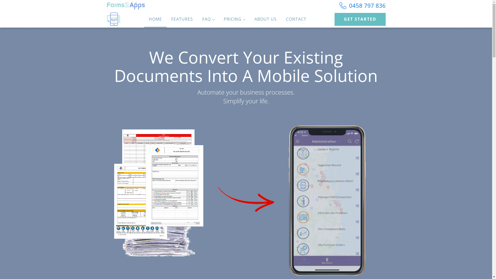 This screenshot has height=279, width=496. What do you see at coordinates (208, 19) in the screenshot?
I see `'FAQ'` at bounding box center [208, 19].